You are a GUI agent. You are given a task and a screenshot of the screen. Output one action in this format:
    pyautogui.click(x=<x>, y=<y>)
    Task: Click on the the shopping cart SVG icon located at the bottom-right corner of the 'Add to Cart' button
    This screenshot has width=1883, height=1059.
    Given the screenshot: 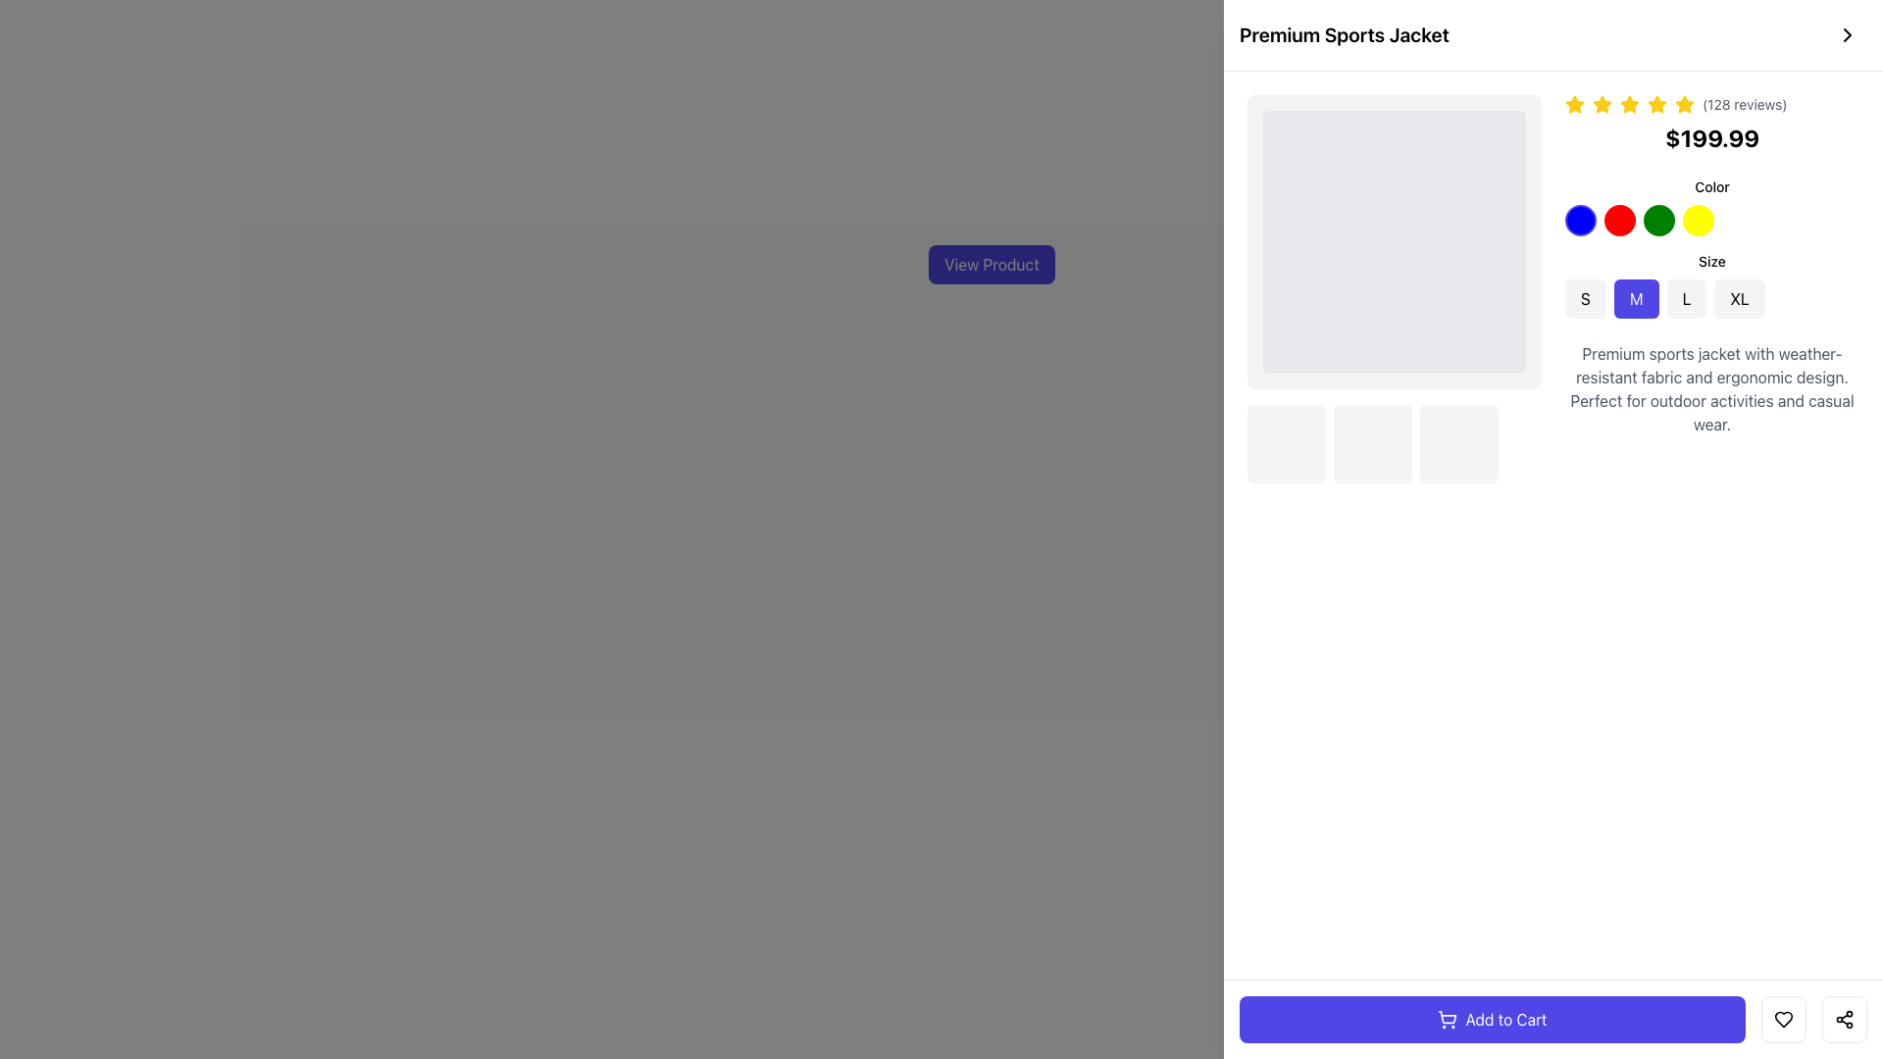 What is the action you would take?
    pyautogui.click(x=1448, y=1016)
    